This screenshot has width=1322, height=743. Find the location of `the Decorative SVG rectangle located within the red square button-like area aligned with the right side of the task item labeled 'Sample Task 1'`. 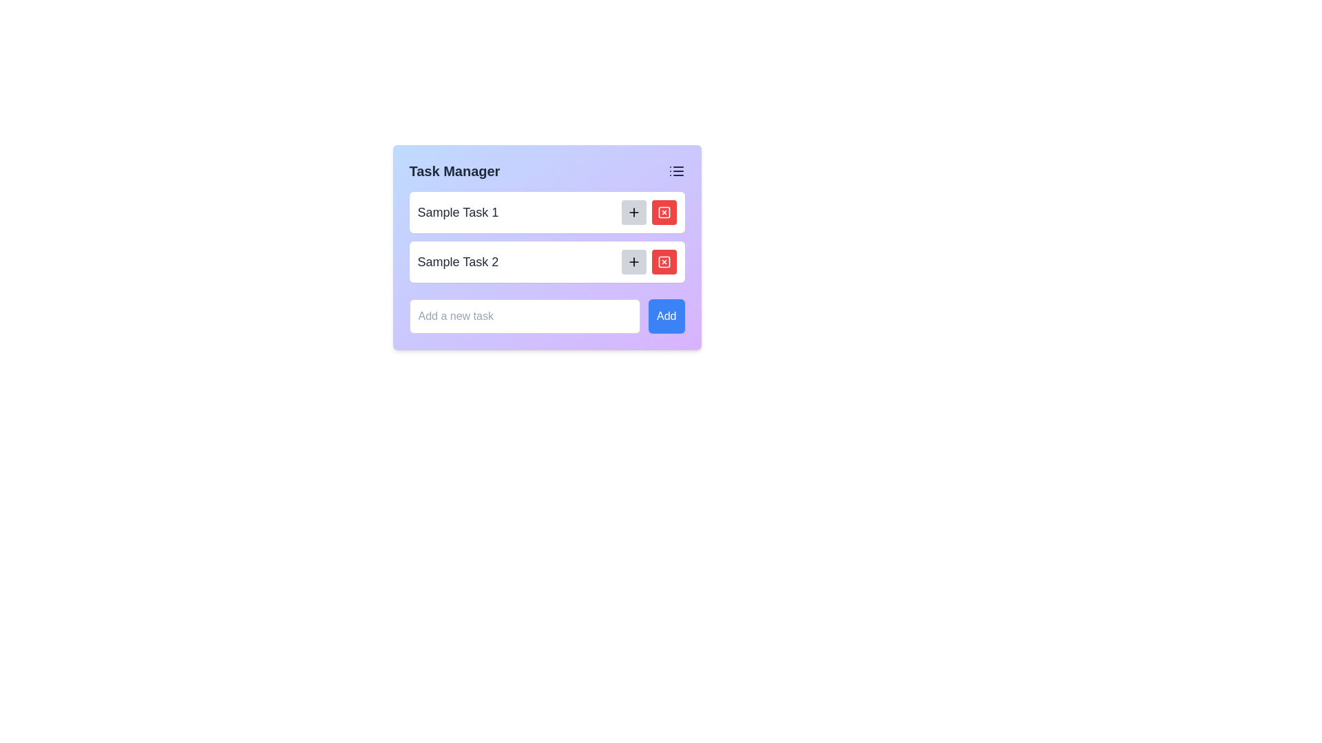

the Decorative SVG rectangle located within the red square button-like area aligned with the right side of the task item labeled 'Sample Task 1' is located at coordinates (664, 212).